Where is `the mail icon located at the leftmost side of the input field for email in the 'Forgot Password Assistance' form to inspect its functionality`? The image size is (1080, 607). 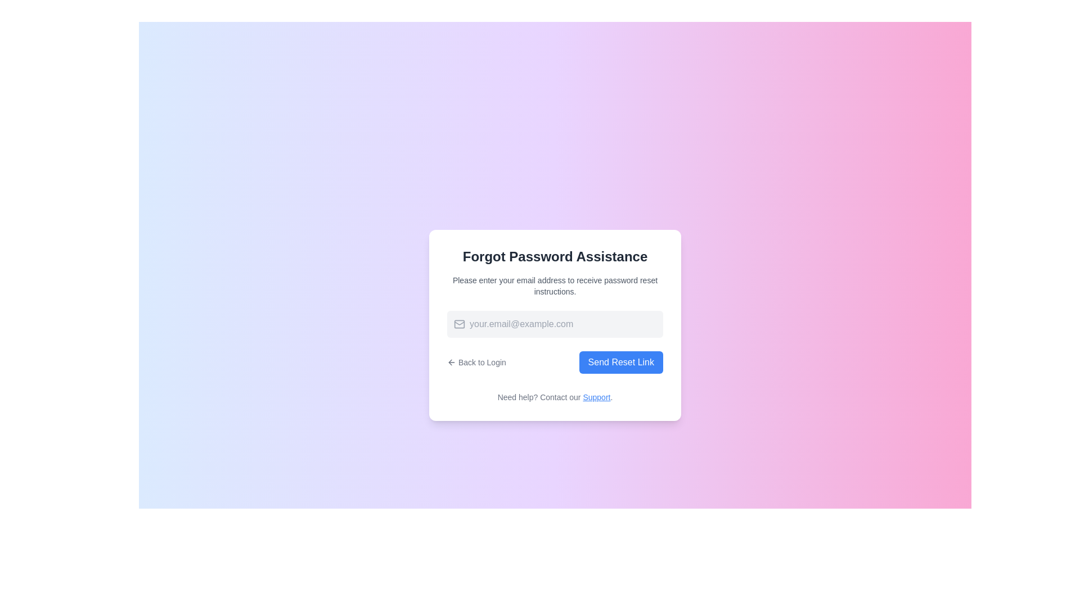
the mail icon located at the leftmost side of the input field for email in the 'Forgot Password Assistance' form to inspect its functionality is located at coordinates (456, 324).